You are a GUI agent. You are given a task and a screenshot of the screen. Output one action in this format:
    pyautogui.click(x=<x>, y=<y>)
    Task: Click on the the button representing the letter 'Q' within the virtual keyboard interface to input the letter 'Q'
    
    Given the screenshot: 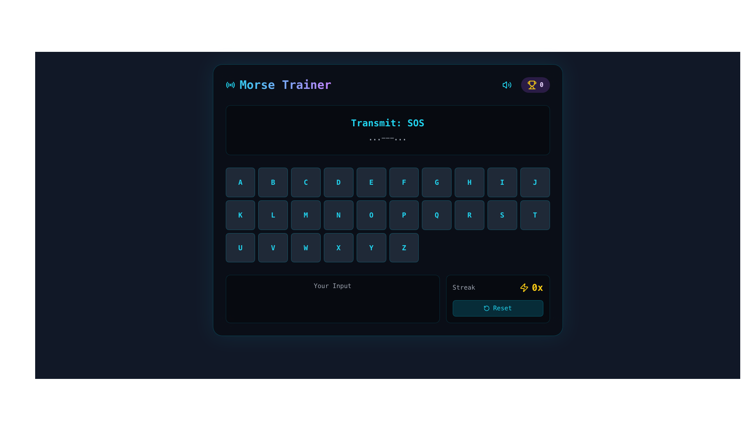 What is the action you would take?
    pyautogui.click(x=436, y=215)
    